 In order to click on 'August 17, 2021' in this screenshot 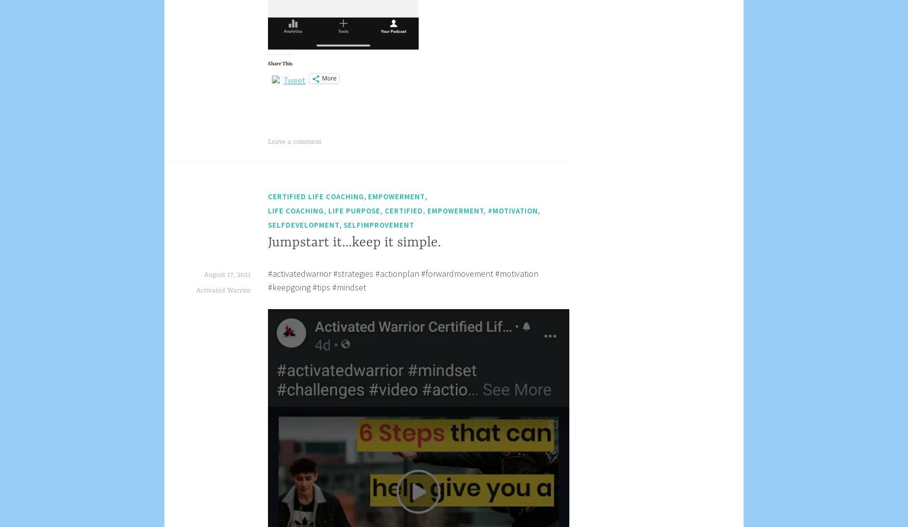, I will do `click(204, 274)`.